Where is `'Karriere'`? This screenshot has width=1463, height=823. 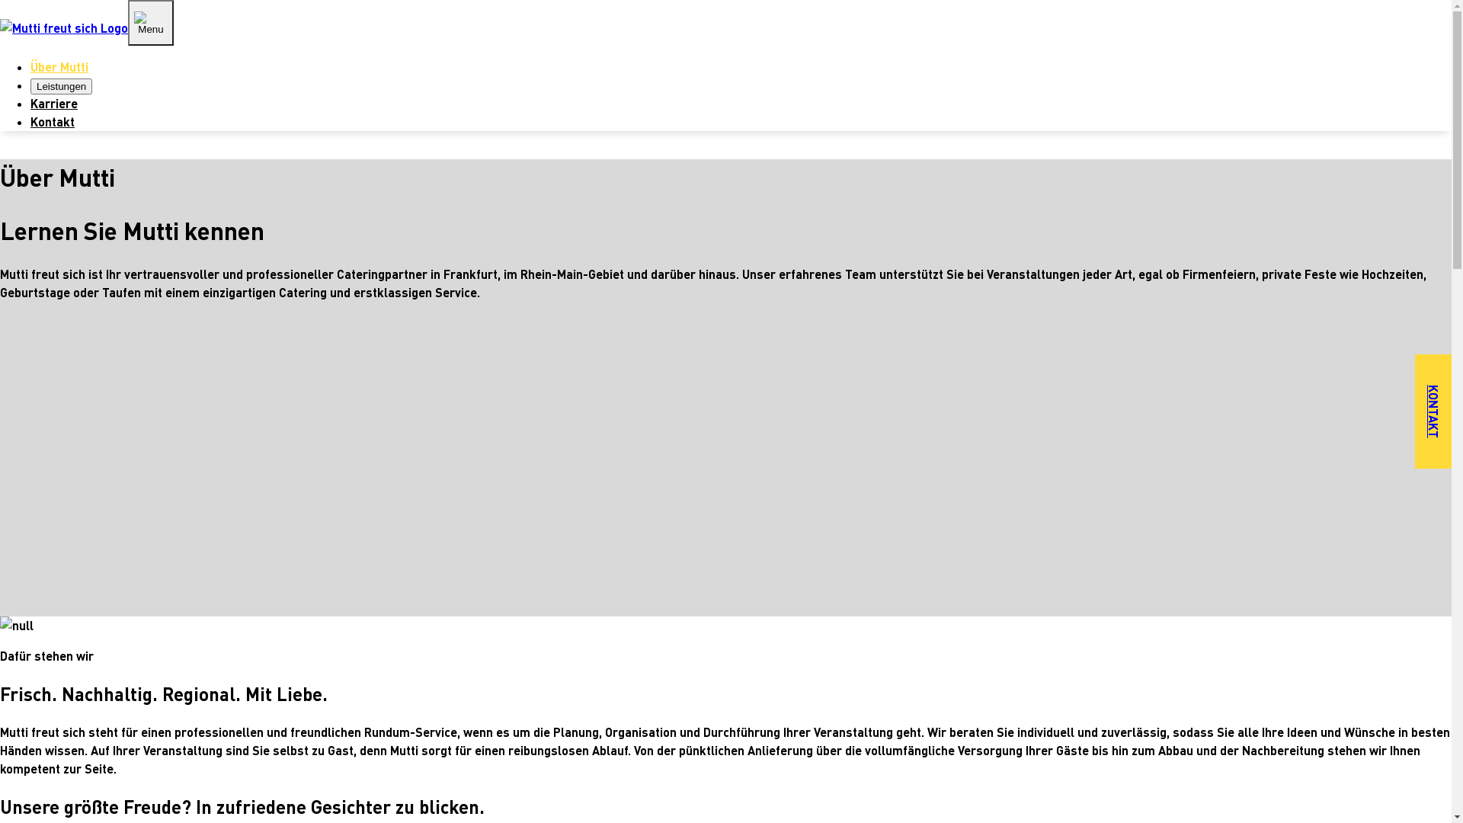
'Karriere' is located at coordinates (54, 103).